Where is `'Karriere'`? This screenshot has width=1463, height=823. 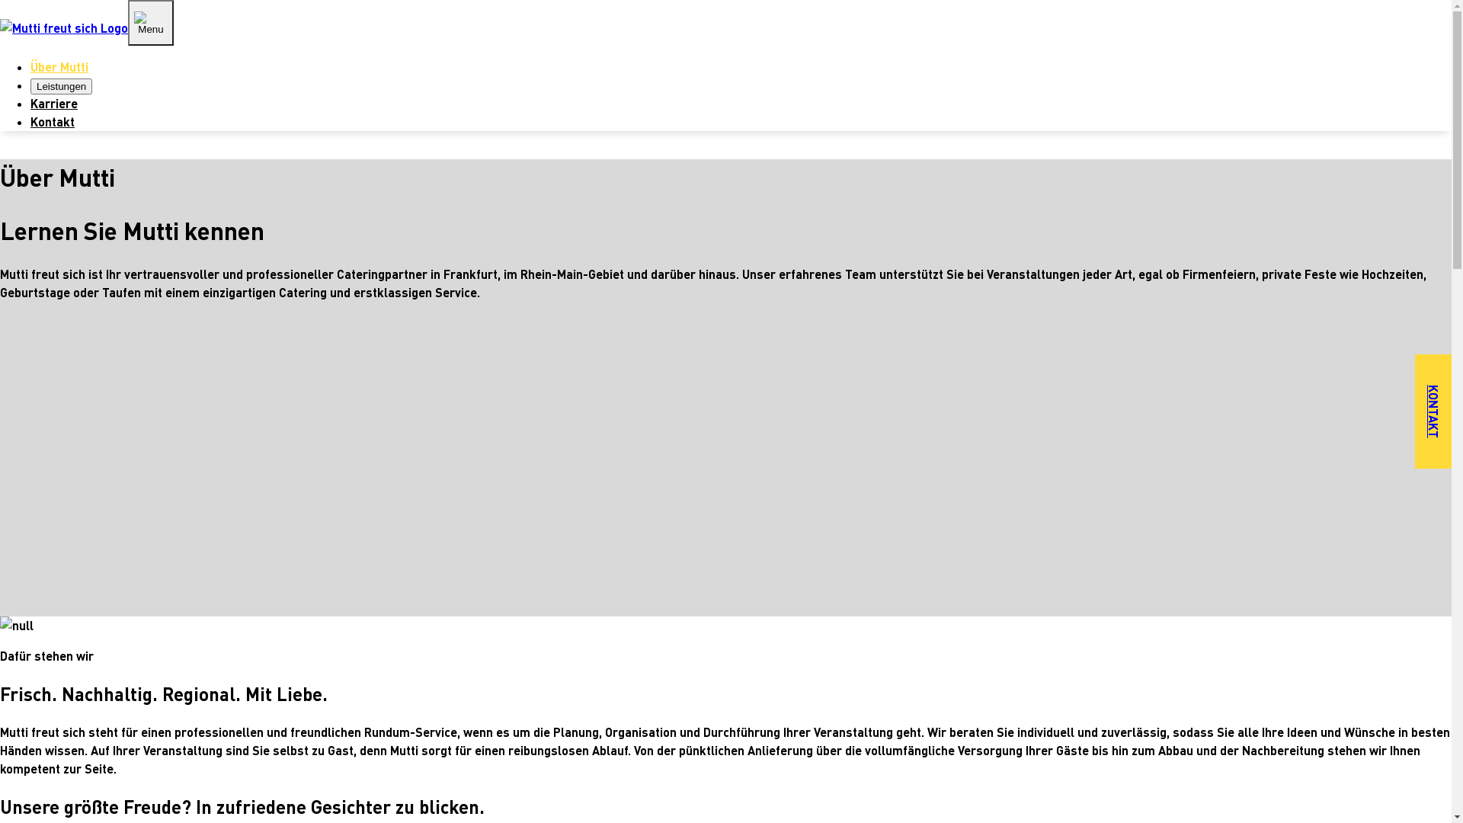
'Karriere' is located at coordinates (54, 103).